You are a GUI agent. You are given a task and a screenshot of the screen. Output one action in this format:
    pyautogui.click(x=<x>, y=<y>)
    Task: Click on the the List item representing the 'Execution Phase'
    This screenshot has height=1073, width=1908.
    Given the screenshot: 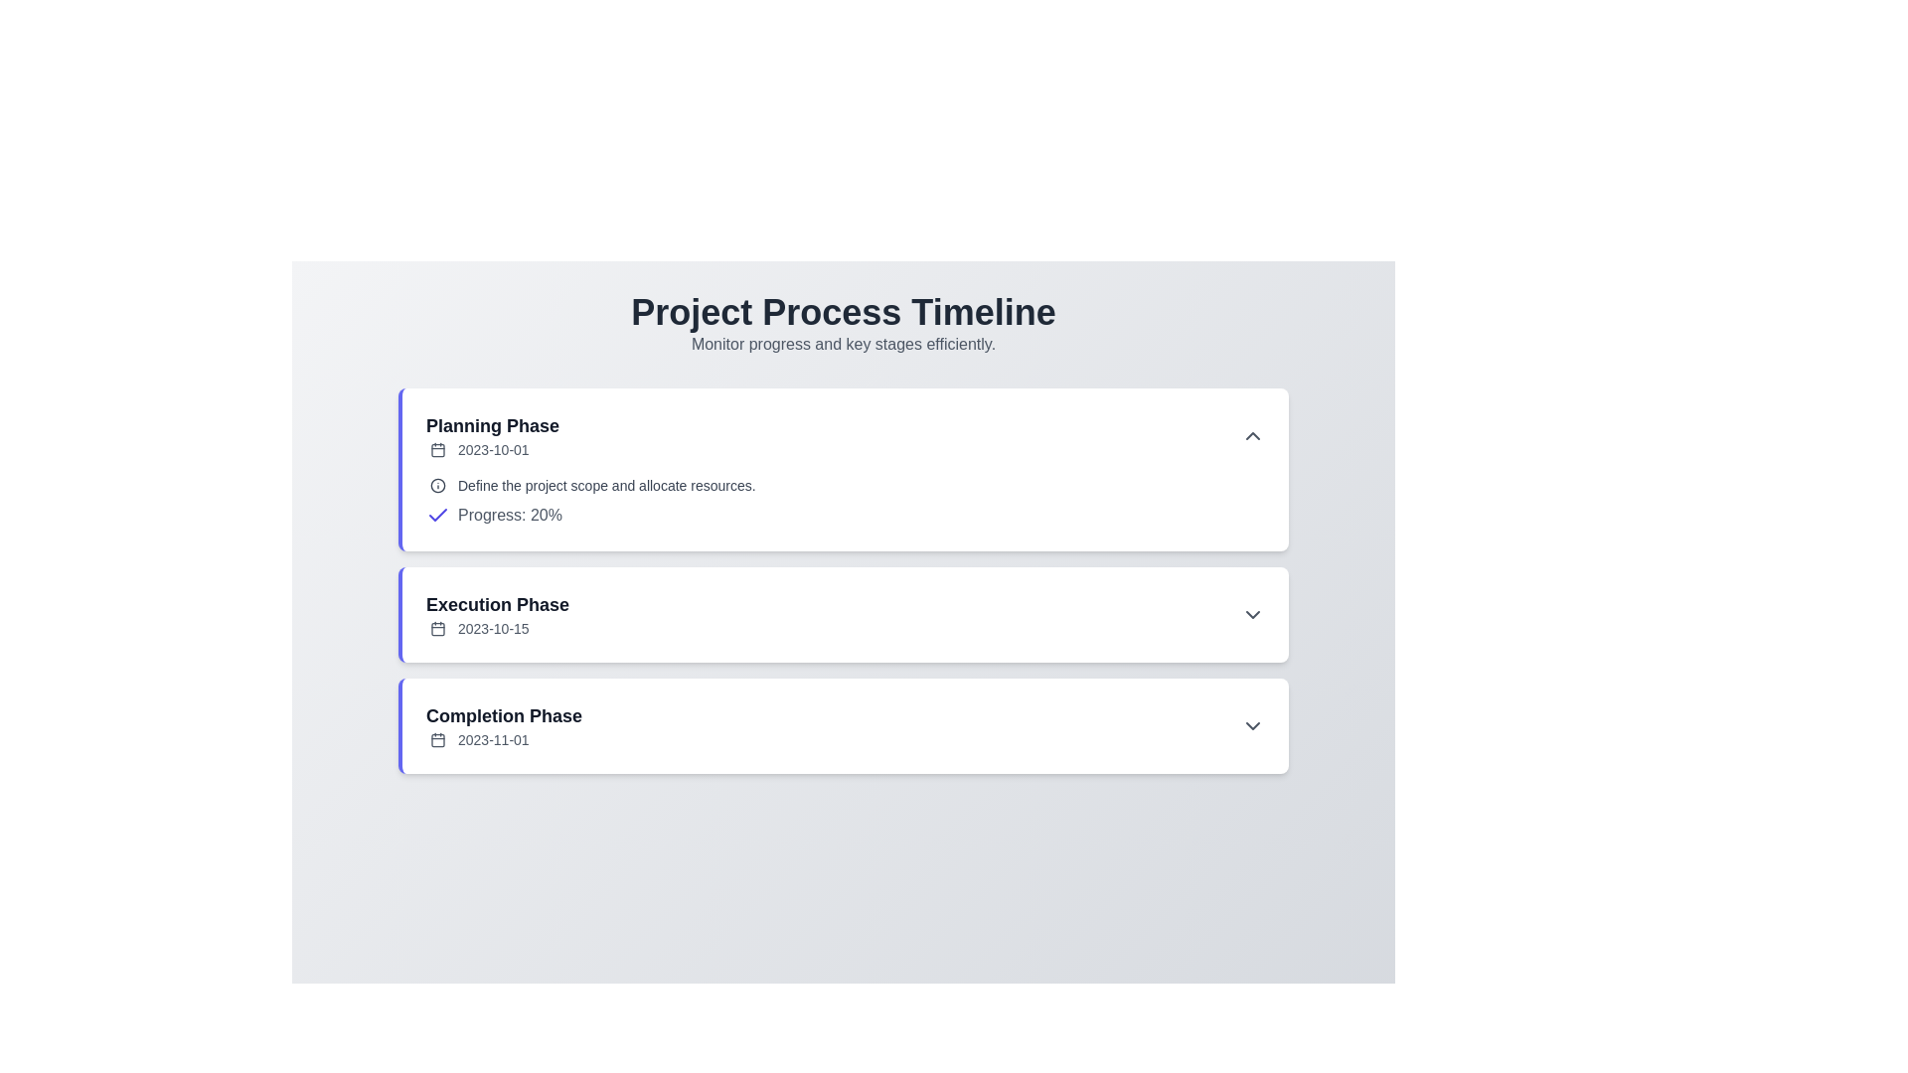 What is the action you would take?
    pyautogui.click(x=845, y=613)
    